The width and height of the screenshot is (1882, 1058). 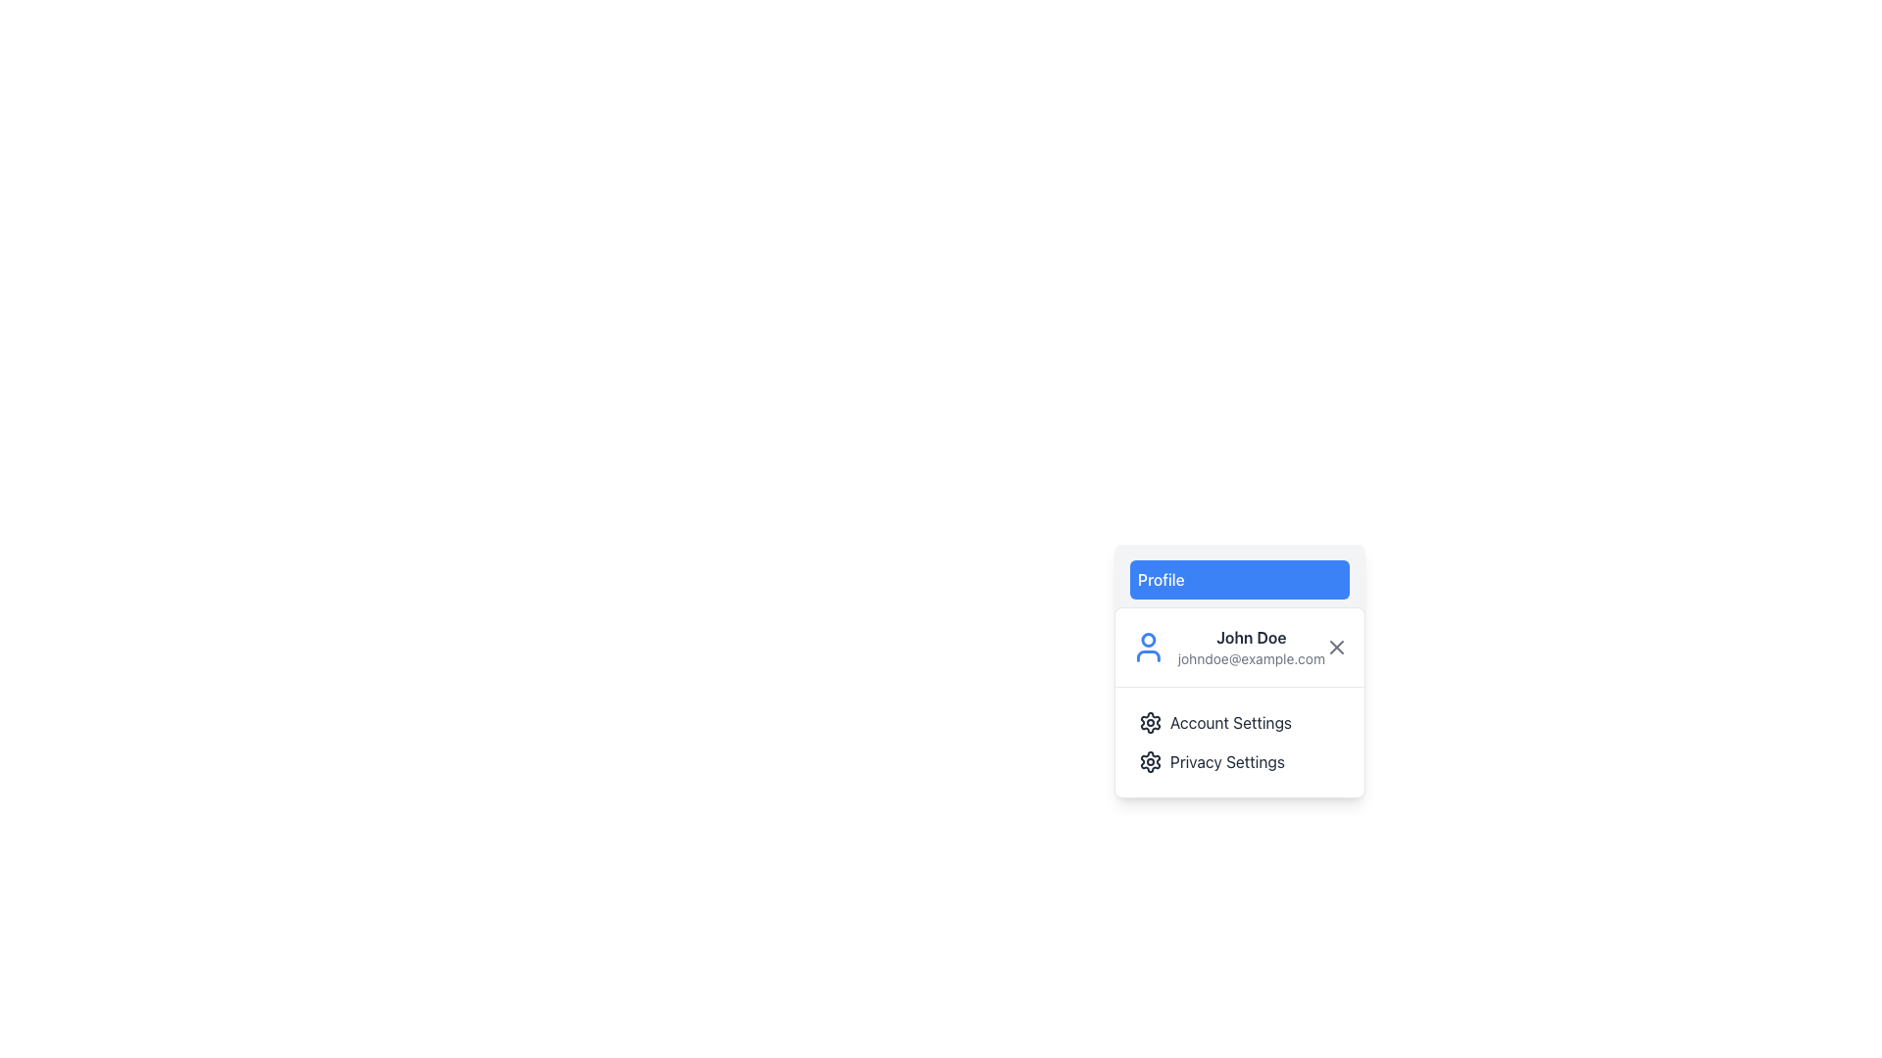 I want to click on the blue 'Profile' button located at the top of the modal interface, so click(x=1239, y=578).